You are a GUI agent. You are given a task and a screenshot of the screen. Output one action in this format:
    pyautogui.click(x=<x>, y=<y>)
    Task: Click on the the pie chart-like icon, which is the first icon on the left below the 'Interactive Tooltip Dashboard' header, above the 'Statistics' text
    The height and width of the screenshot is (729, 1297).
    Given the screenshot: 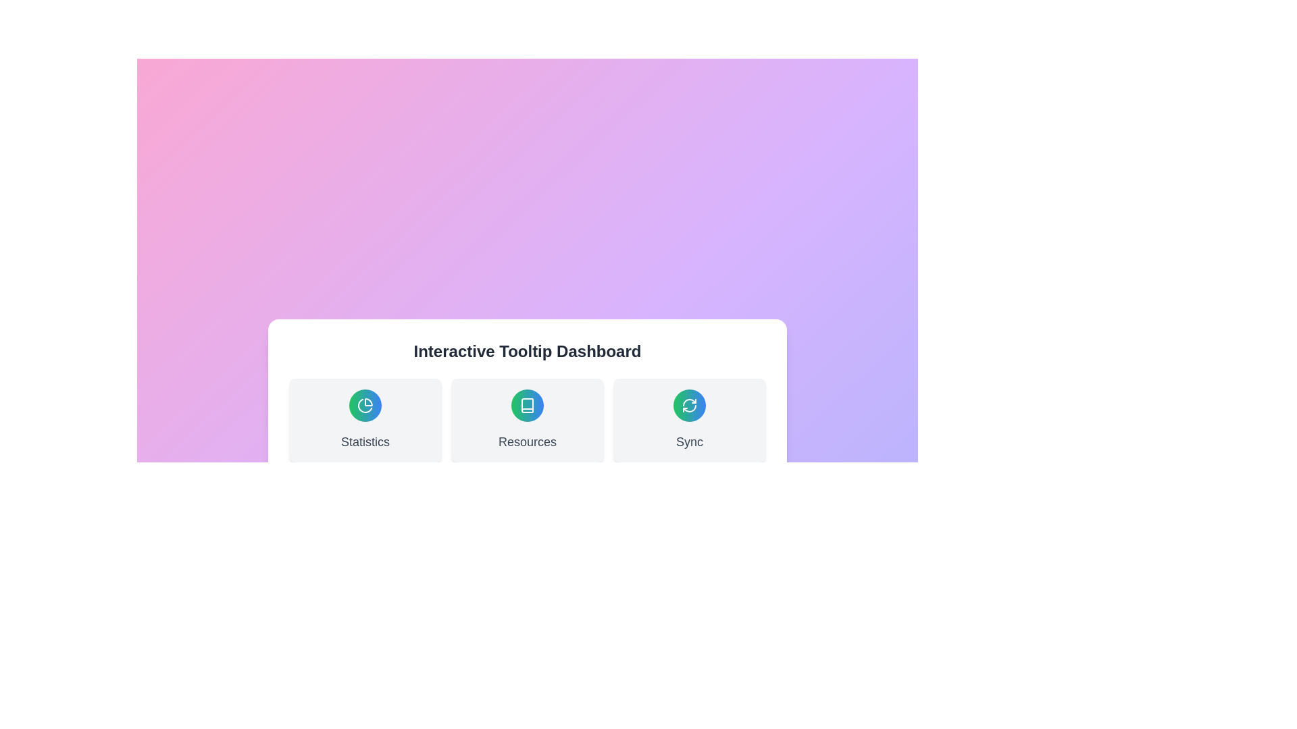 What is the action you would take?
    pyautogui.click(x=365, y=405)
    